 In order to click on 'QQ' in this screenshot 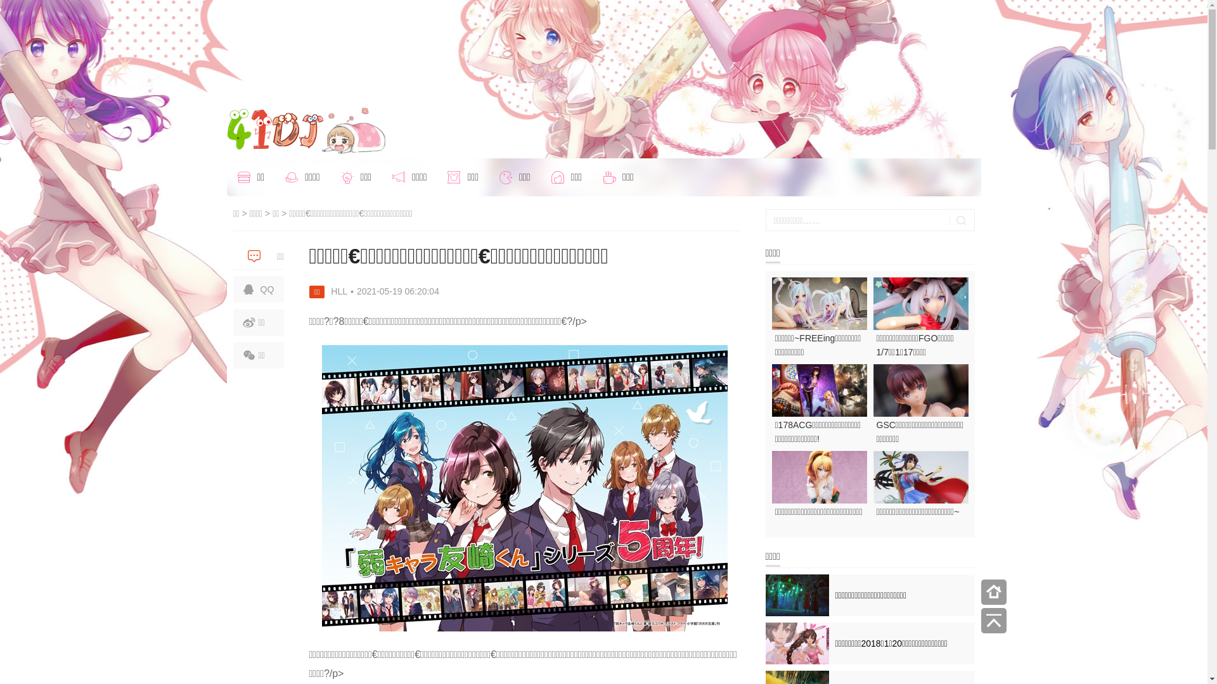, I will do `click(258, 289)`.